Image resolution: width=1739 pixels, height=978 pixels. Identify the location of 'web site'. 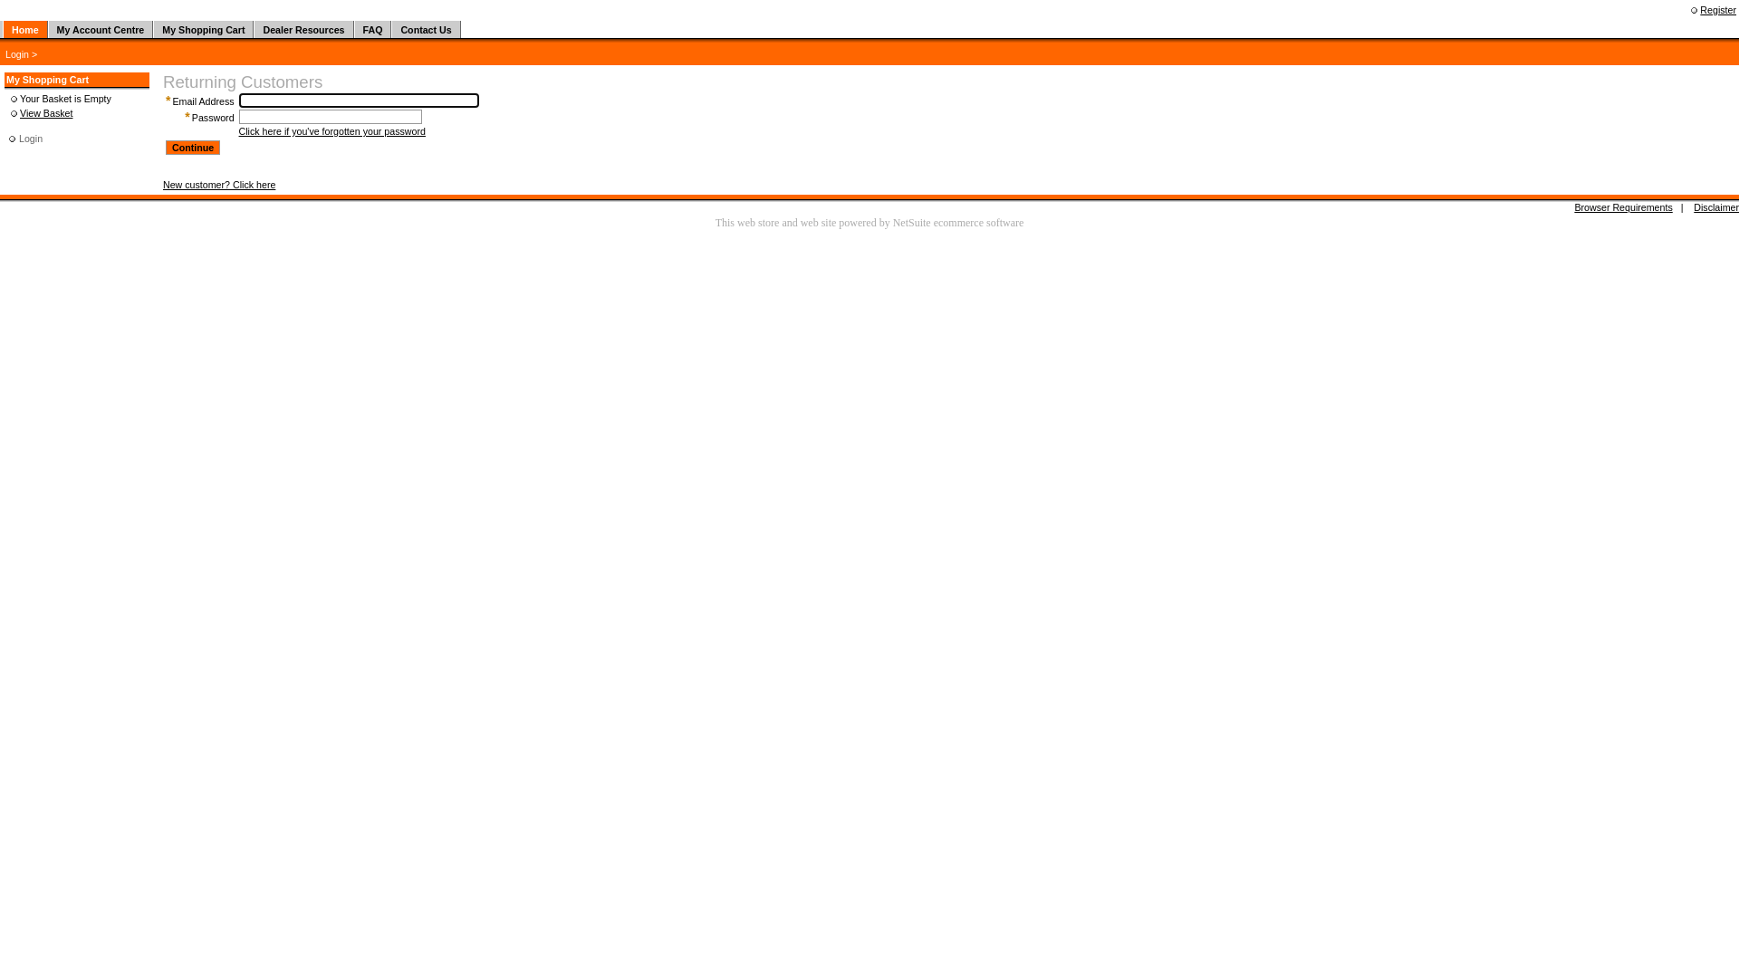
(817, 222).